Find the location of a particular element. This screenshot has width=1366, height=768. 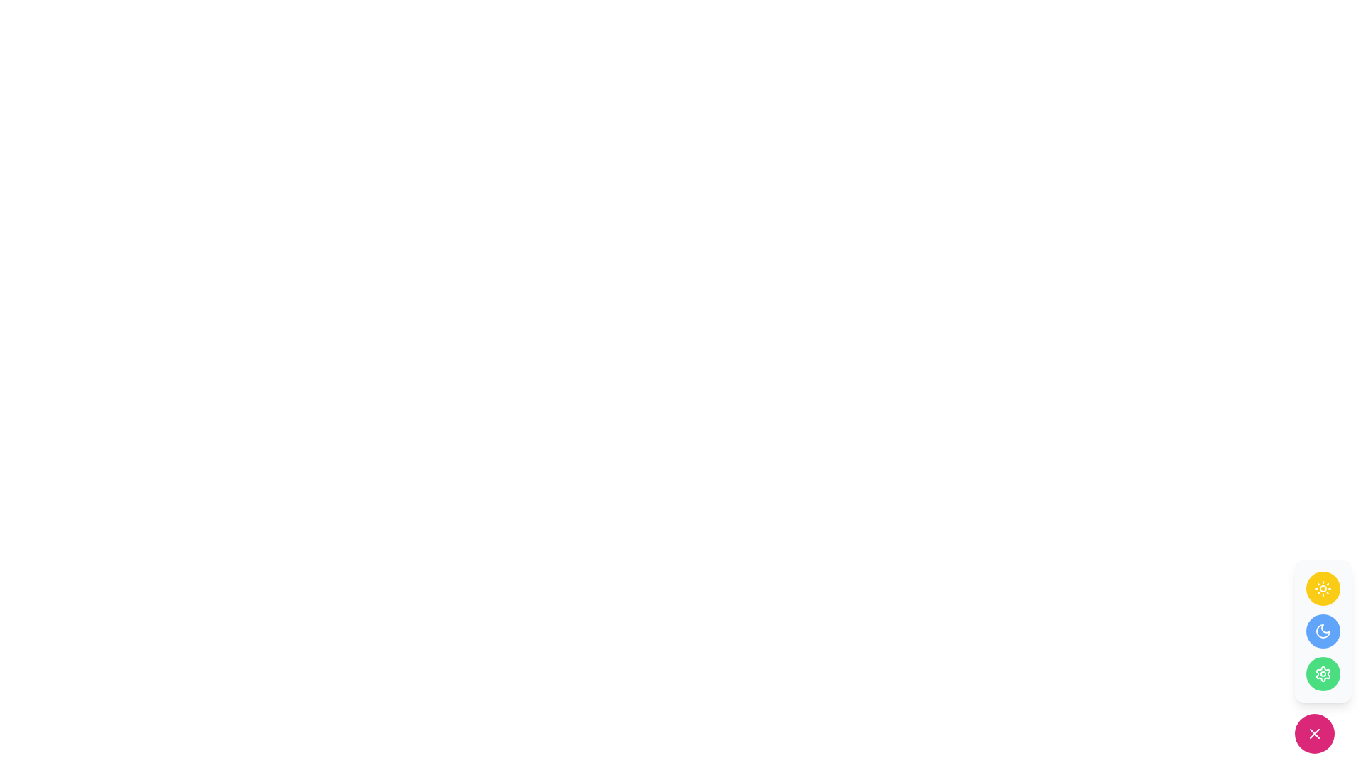

the round yellow button with a white sun icon is located at coordinates (1323, 589).